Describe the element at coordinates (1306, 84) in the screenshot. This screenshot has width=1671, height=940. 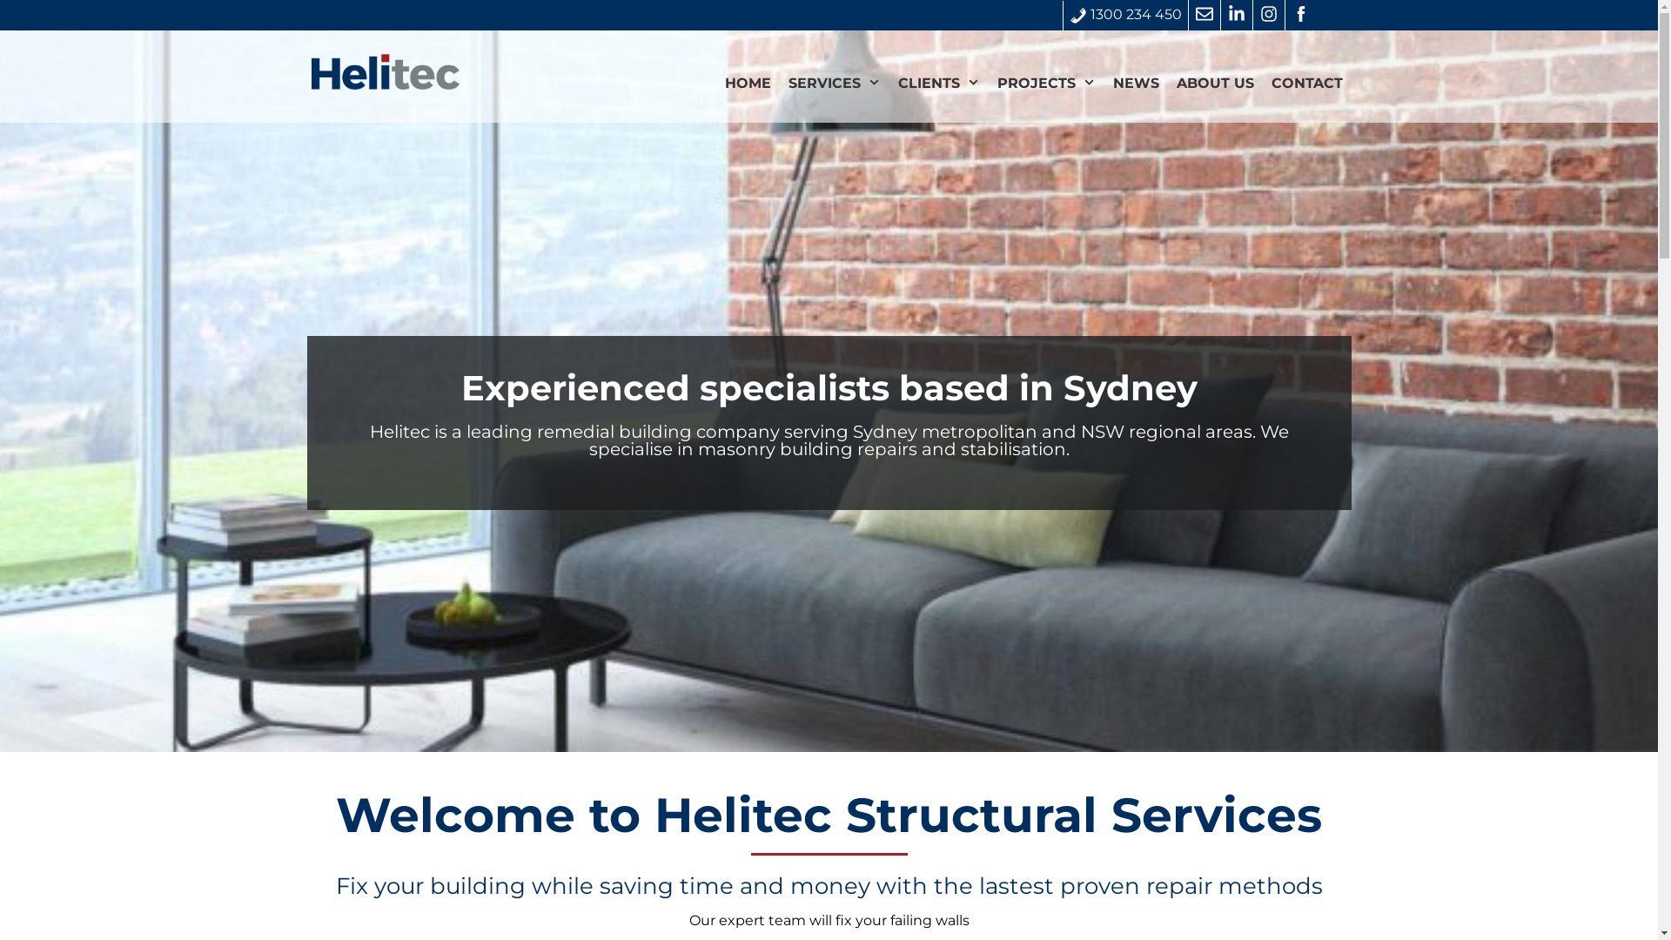
I see `'CONTACT'` at that location.